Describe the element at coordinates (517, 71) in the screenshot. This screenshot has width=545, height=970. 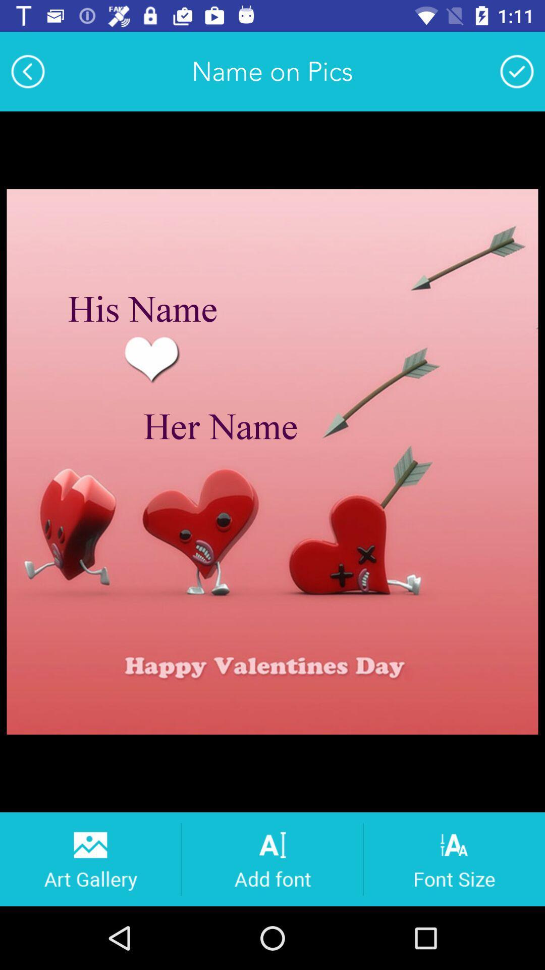
I see `the check icon` at that location.